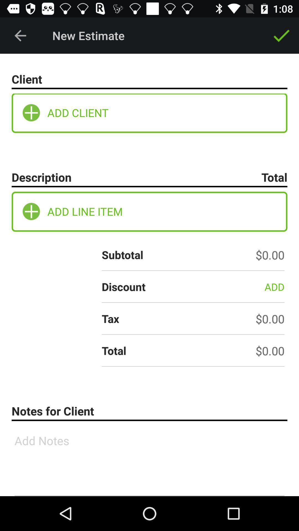 This screenshot has width=299, height=531. What do you see at coordinates (149, 461) in the screenshot?
I see `notes for client` at bounding box center [149, 461].